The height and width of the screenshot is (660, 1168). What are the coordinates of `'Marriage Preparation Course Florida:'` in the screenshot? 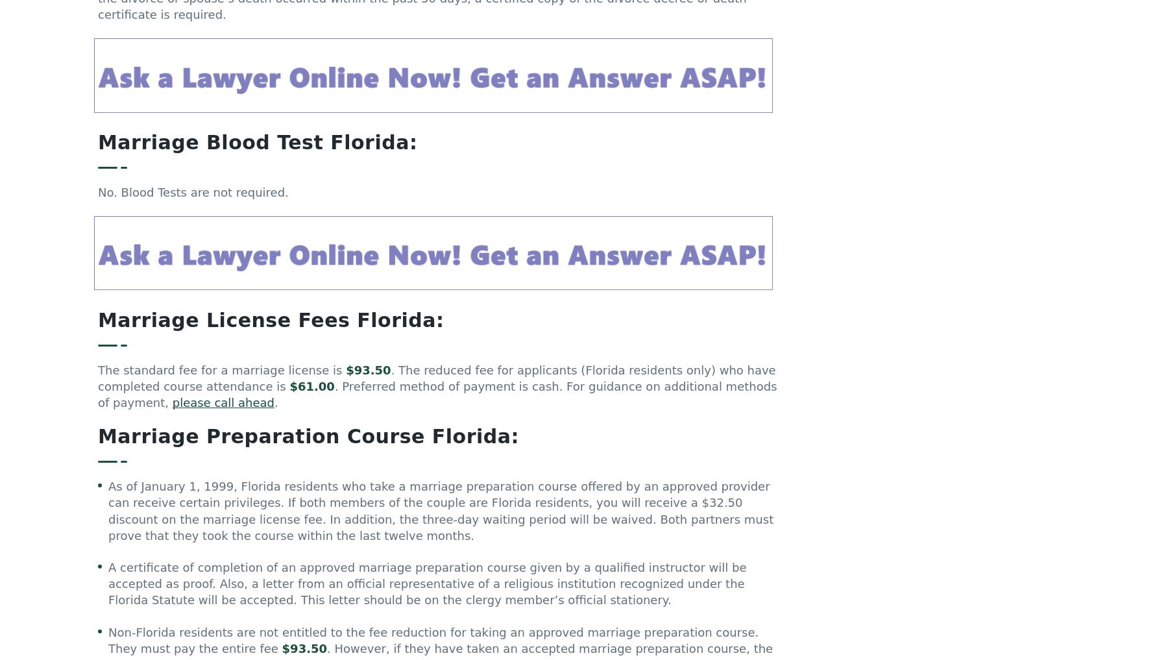 It's located at (308, 441).